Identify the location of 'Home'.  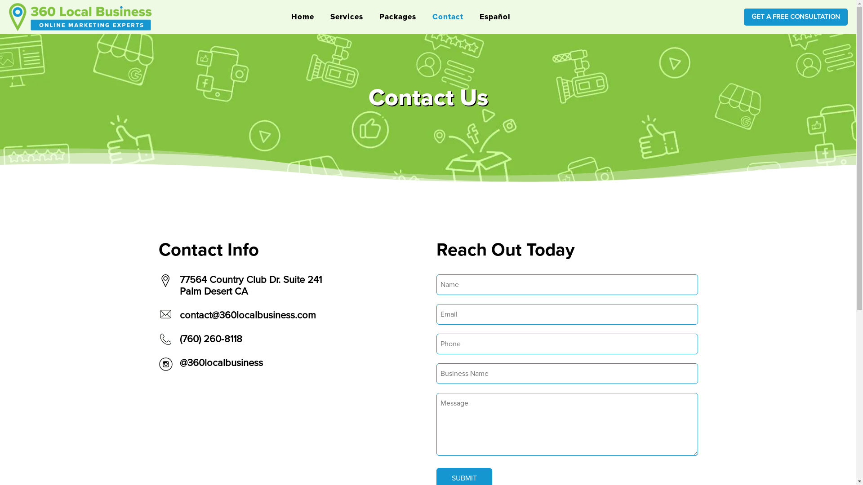
(302, 17).